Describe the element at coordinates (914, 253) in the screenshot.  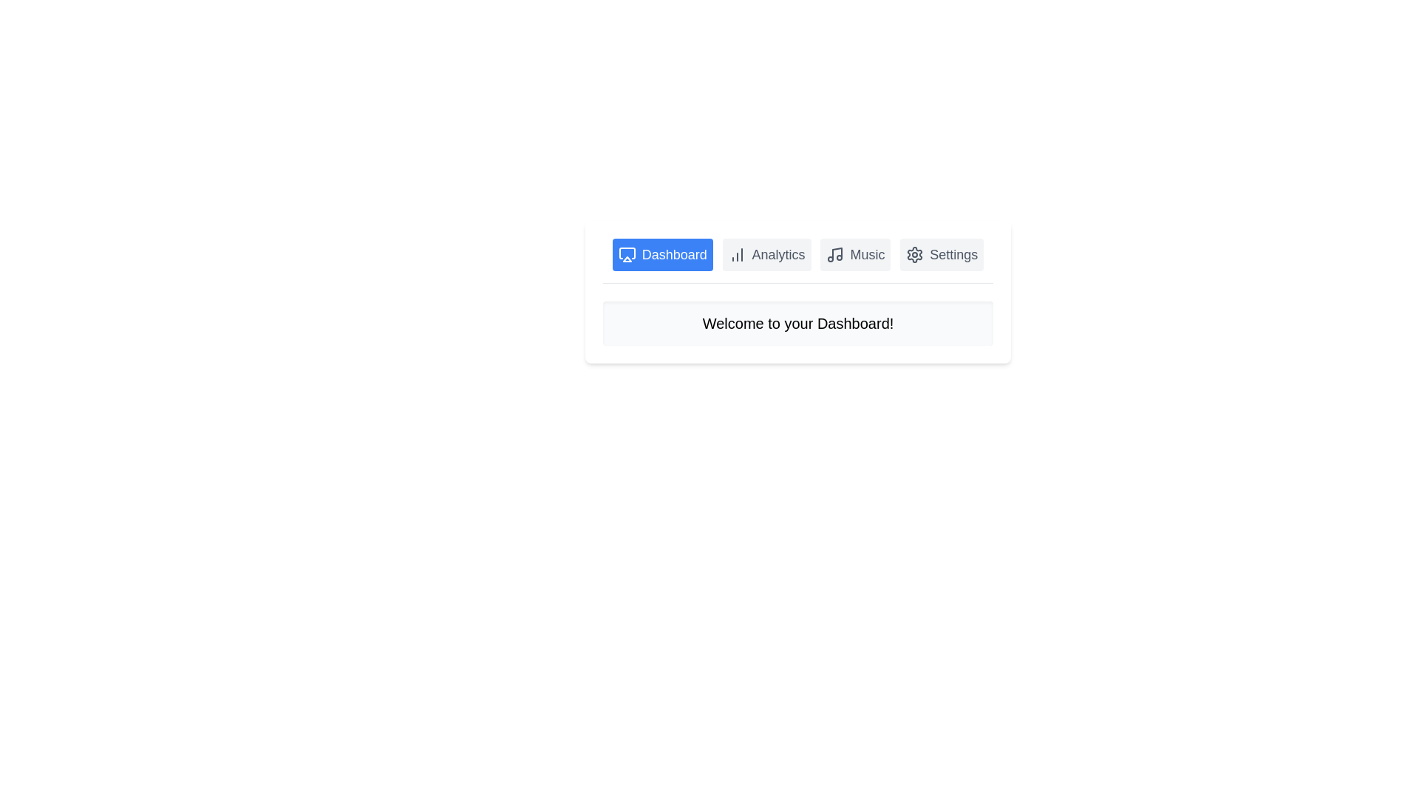
I see `the gear icon representing settings located in the navigation bar on the right side for keyboard navigation` at that location.